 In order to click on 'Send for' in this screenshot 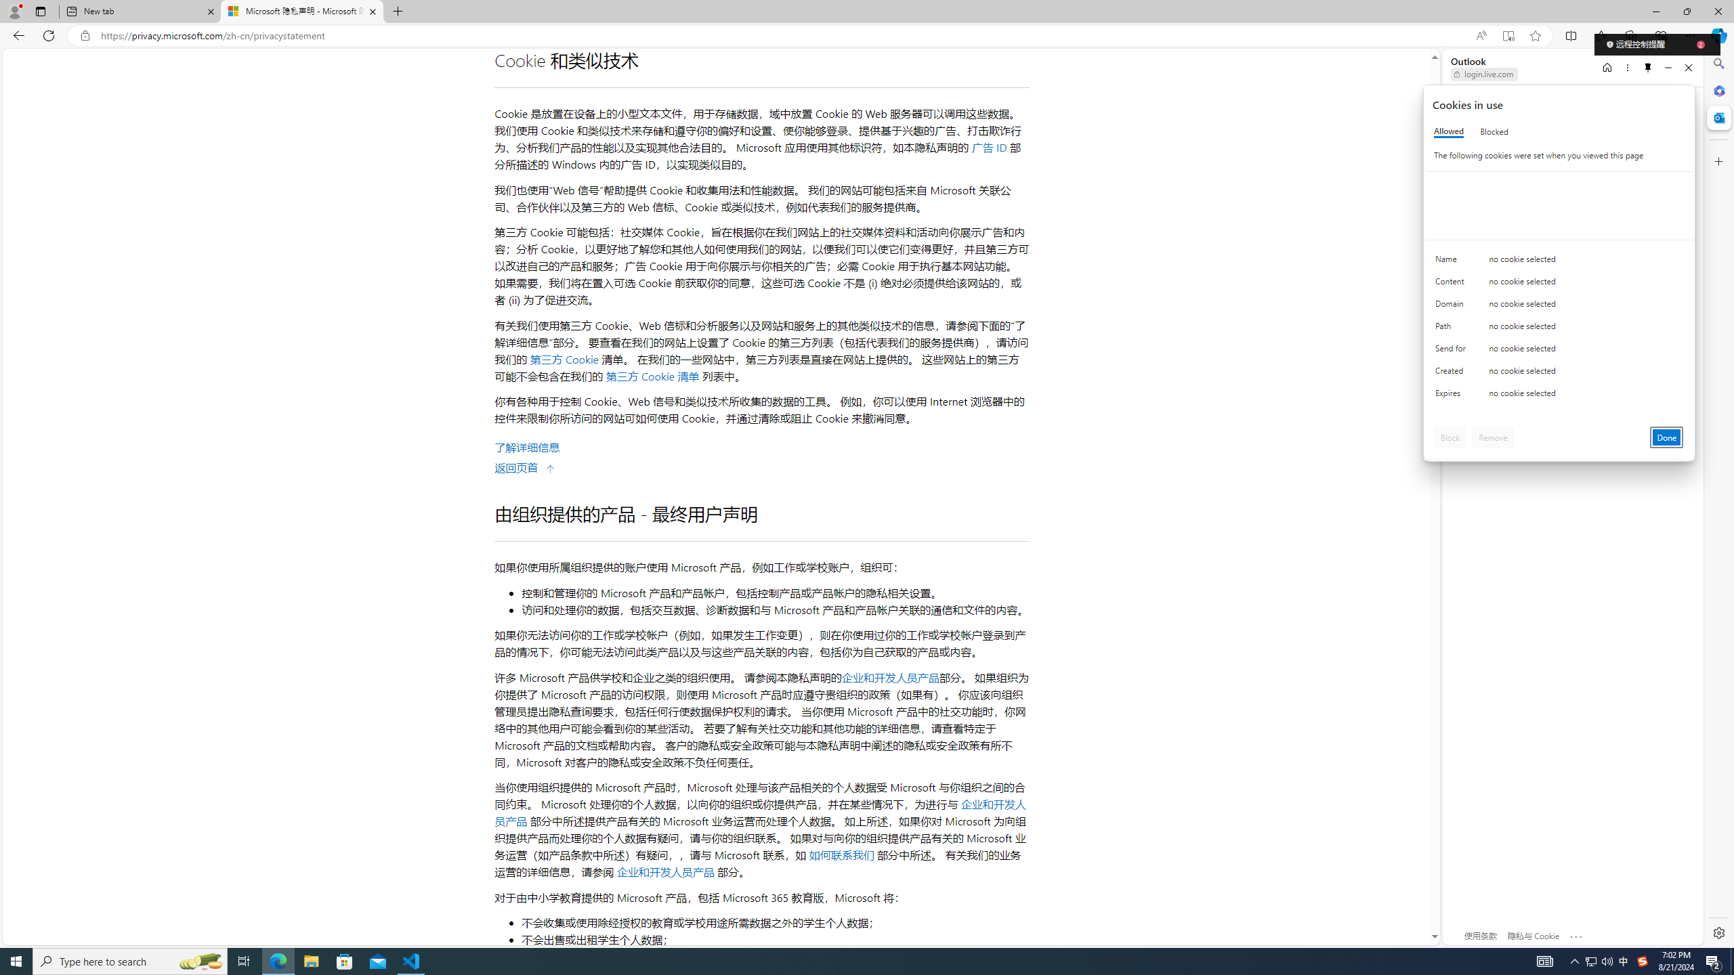, I will do `click(1452, 351)`.